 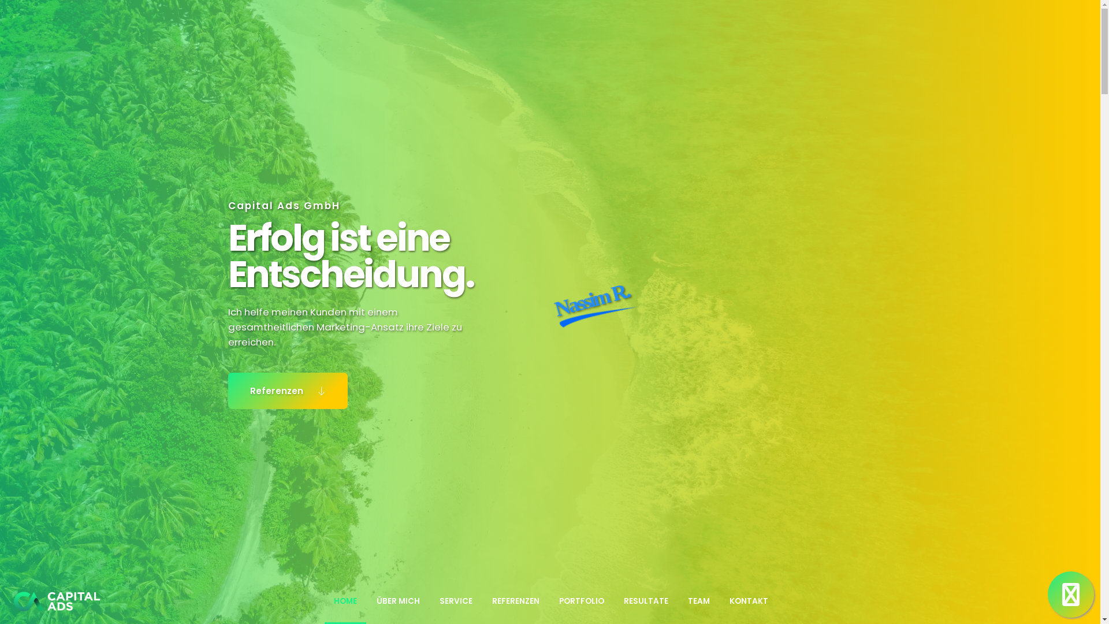 I want to click on 'Referenzen', so click(x=288, y=390).